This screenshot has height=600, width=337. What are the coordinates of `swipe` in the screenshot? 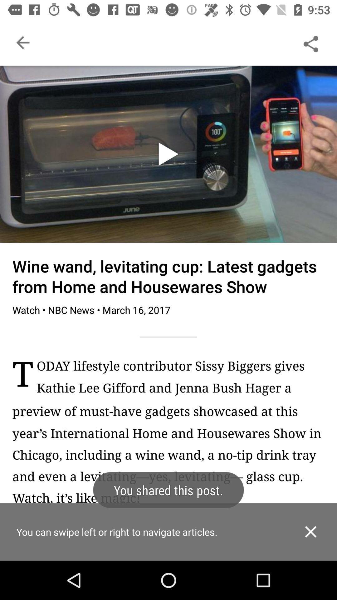 It's located at (168, 542).